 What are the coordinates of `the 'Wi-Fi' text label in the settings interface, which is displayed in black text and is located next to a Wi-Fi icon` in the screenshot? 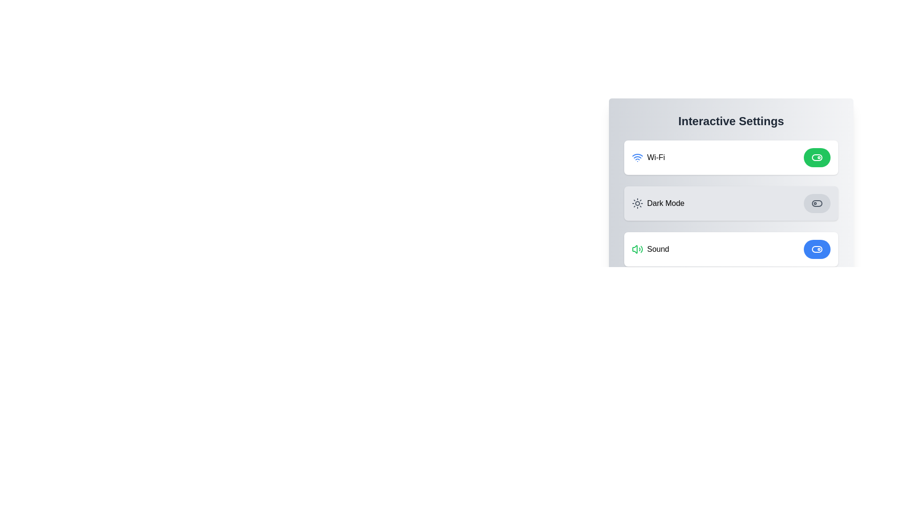 It's located at (655, 157).